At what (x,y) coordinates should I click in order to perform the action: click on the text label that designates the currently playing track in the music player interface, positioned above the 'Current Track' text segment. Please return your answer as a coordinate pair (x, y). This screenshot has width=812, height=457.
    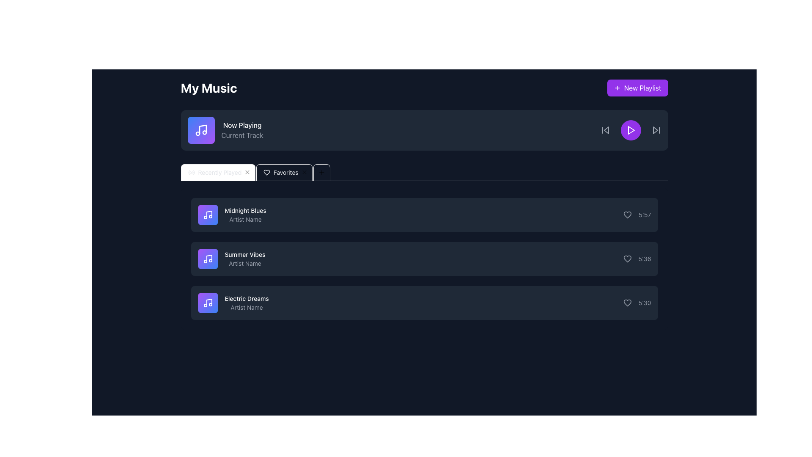
    Looking at the image, I should click on (242, 125).